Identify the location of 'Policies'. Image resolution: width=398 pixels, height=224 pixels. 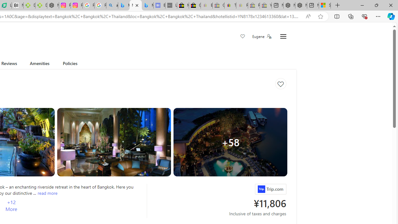
(70, 64).